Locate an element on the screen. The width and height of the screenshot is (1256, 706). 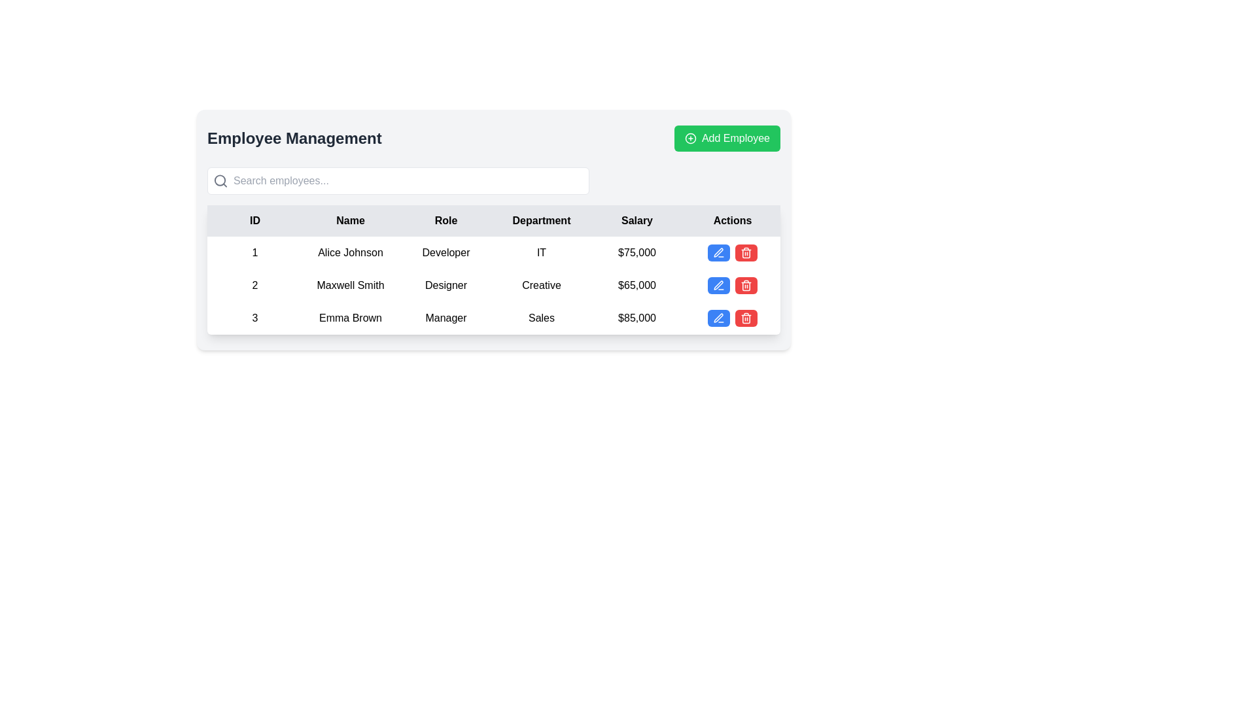
the Table Header Cell labeled 'ID', which is the first column's header in a gray rectangular cell at the top of the table is located at coordinates (254, 220).